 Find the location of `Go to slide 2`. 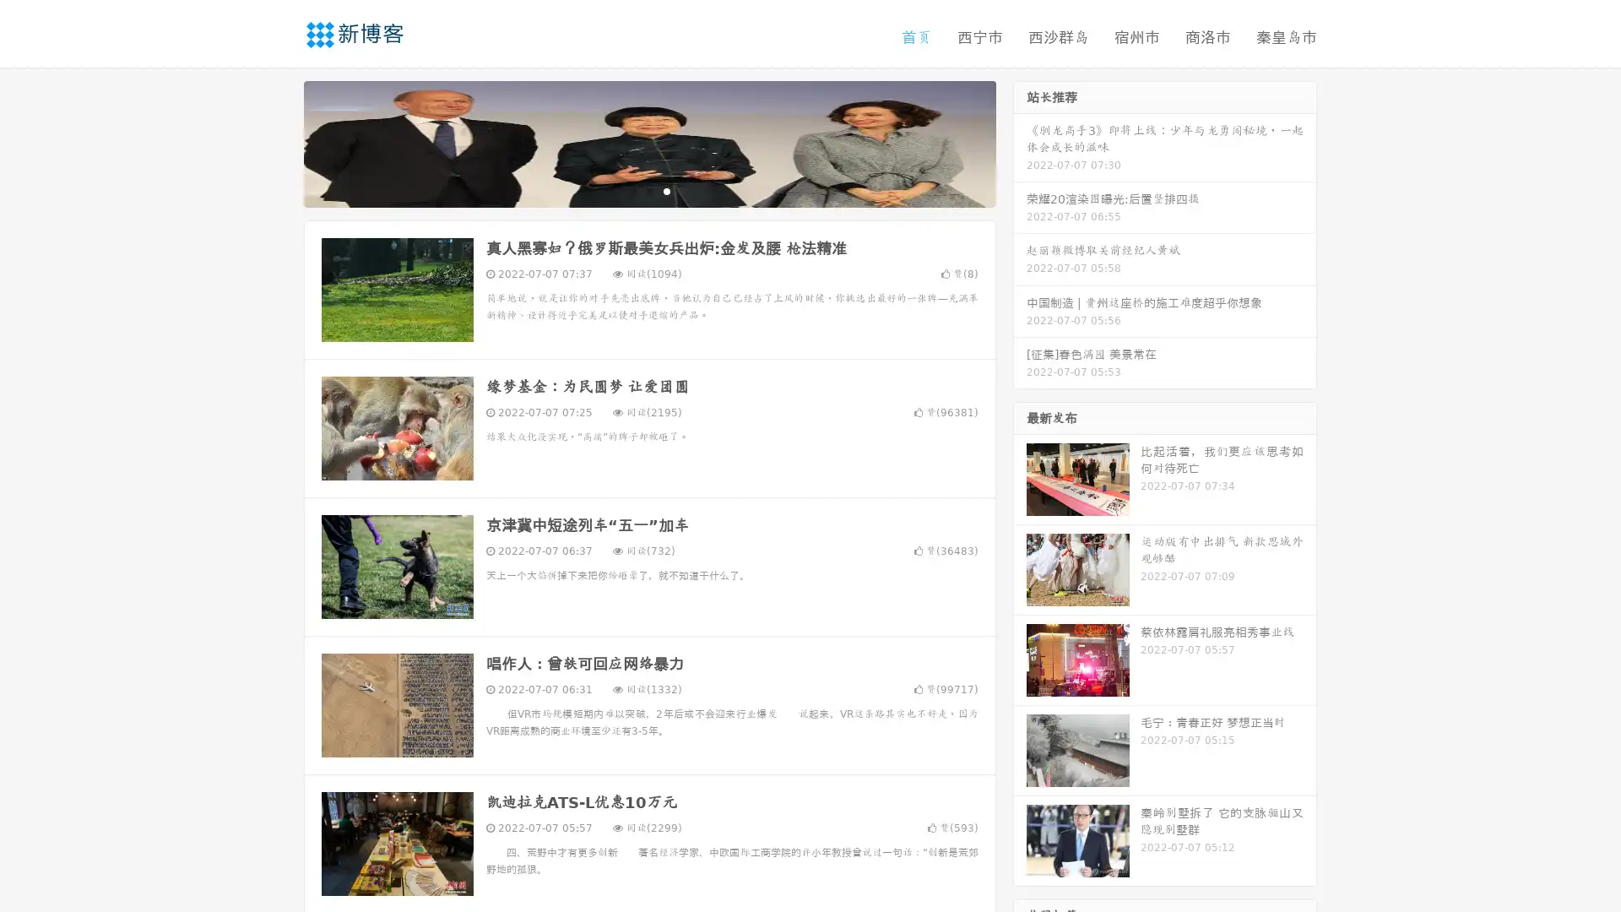

Go to slide 2 is located at coordinates (648, 190).